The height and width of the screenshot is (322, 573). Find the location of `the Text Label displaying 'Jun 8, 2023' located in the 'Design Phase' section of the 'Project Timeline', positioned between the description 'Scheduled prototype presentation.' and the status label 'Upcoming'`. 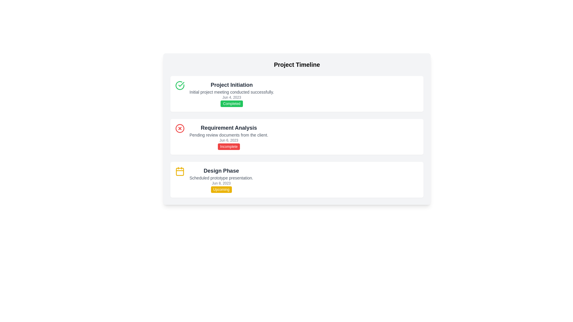

the Text Label displaying 'Jun 8, 2023' located in the 'Design Phase' section of the 'Project Timeline', positioned between the description 'Scheduled prototype presentation.' and the status label 'Upcoming' is located at coordinates (221, 183).